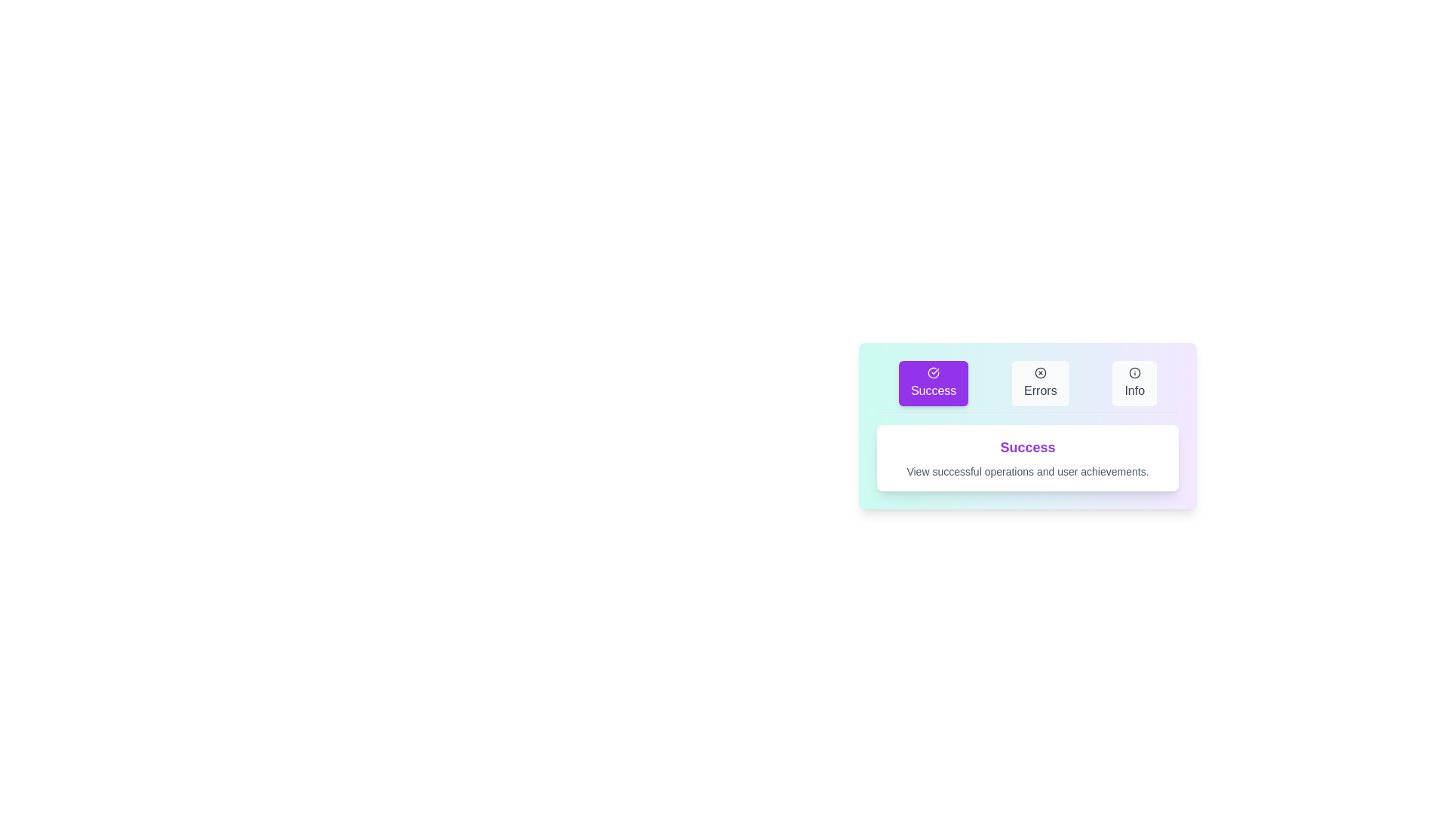  I want to click on the Info tab to activate it, so click(1134, 383).